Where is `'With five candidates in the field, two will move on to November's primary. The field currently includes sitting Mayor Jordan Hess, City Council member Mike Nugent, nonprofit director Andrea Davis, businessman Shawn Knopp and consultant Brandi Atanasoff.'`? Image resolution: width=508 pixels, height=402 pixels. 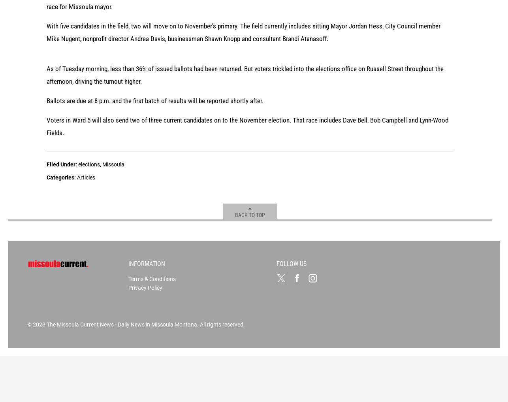
'With five candidates in the field, two will move on to November's primary. The field currently includes sitting Mayor Jordan Hess, City Council member Mike Nugent, nonprofit director Andrea Davis, businessman Shawn Knopp and consultant Brandi Atanasoff.' is located at coordinates (243, 149).